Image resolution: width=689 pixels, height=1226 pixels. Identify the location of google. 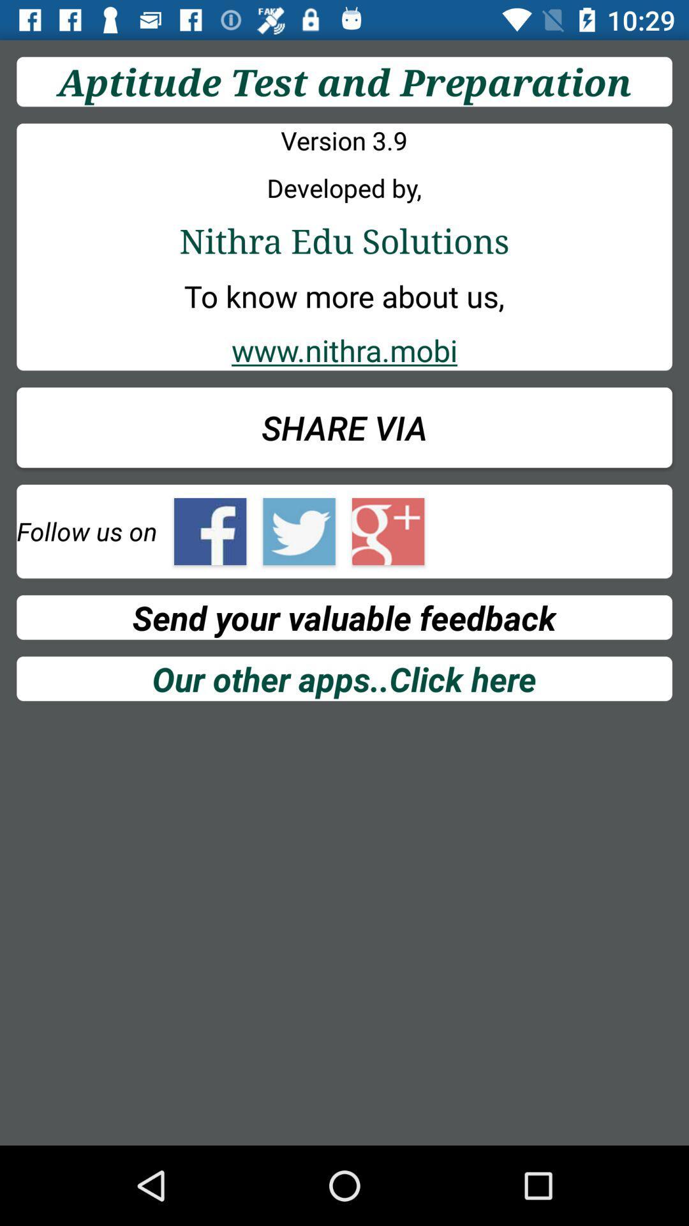
(387, 531).